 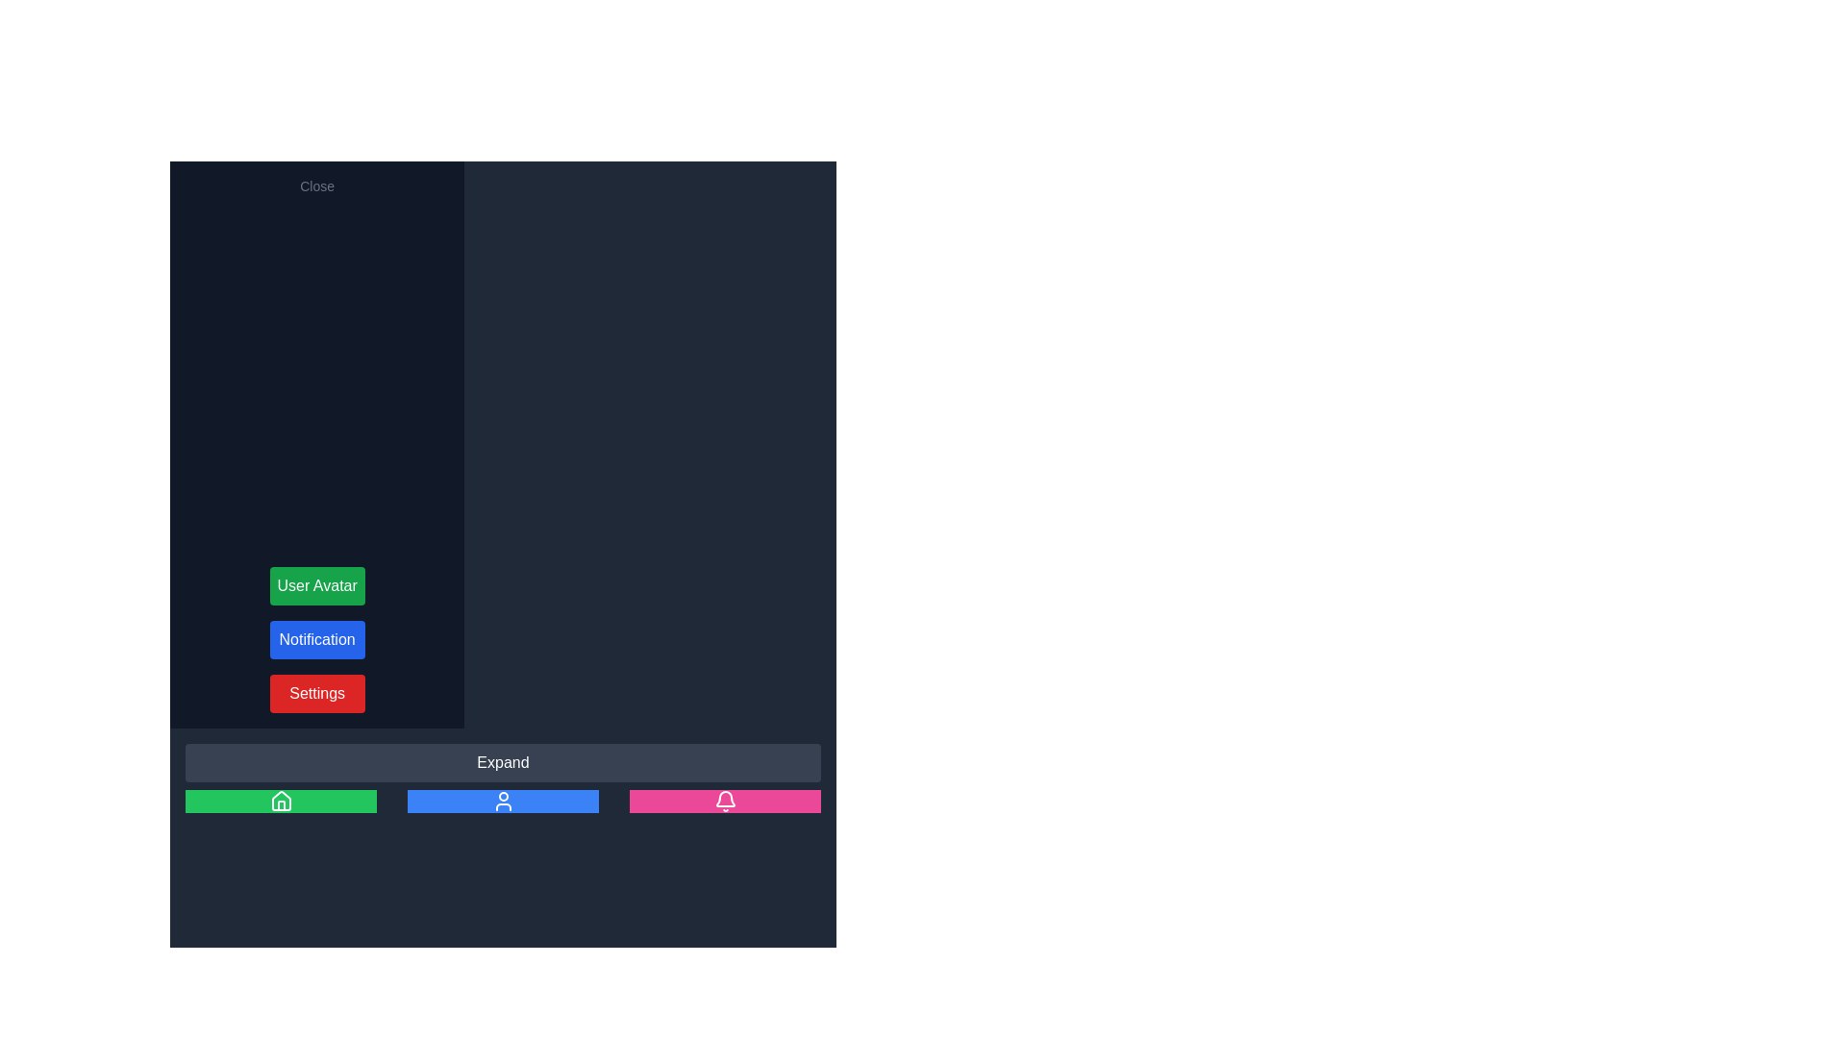 I want to click on the notification icon, which is the third from the left in a row of icons at the bottom of the interface, so click(x=724, y=801).